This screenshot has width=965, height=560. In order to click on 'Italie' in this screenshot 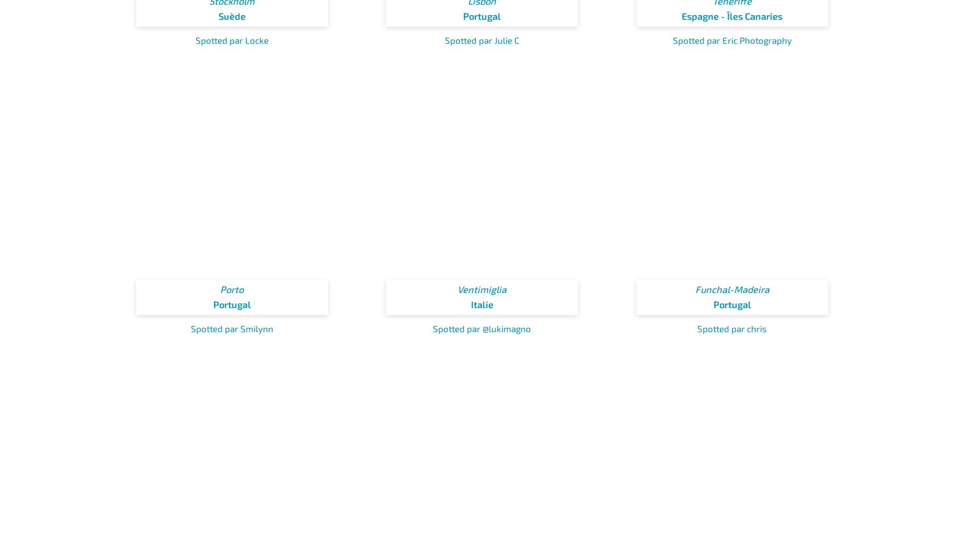, I will do `click(481, 304)`.